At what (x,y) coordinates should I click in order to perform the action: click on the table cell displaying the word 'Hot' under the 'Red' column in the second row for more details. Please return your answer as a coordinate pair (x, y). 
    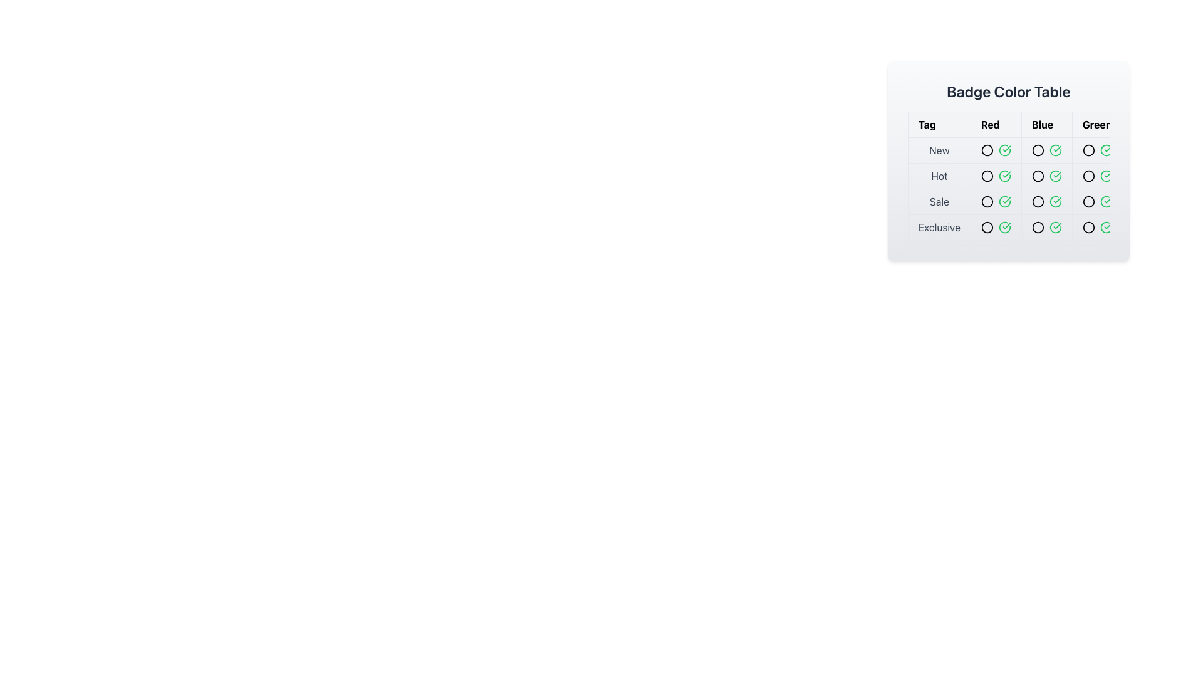
    Looking at the image, I should click on (1008, 176).